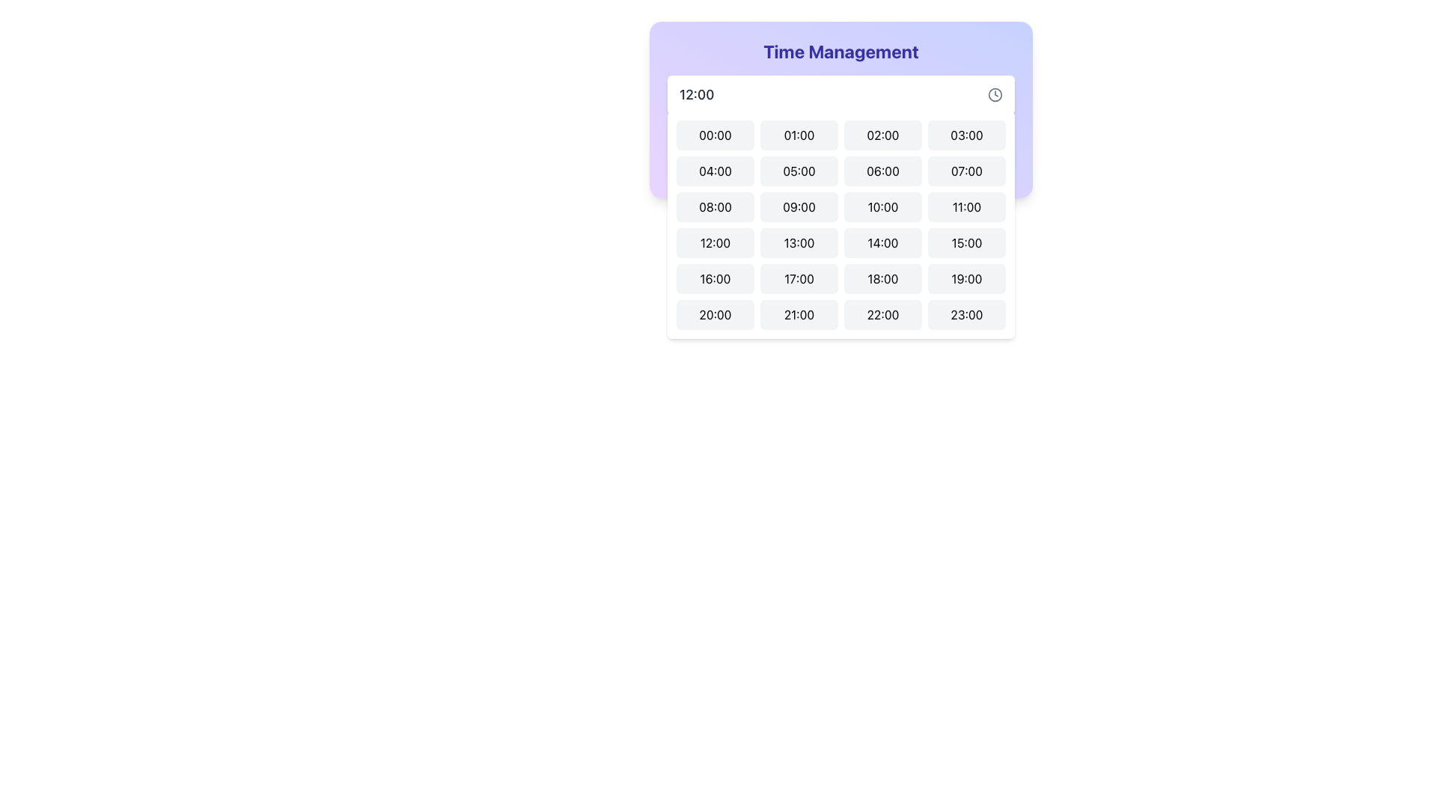  What do you see at coordinates (883, 207) in the screenshot?
I see `the '10:00' button located in the third row and third column of the grid under 'Time Management' to observe any hover effects` at bounding box center [883, 207].